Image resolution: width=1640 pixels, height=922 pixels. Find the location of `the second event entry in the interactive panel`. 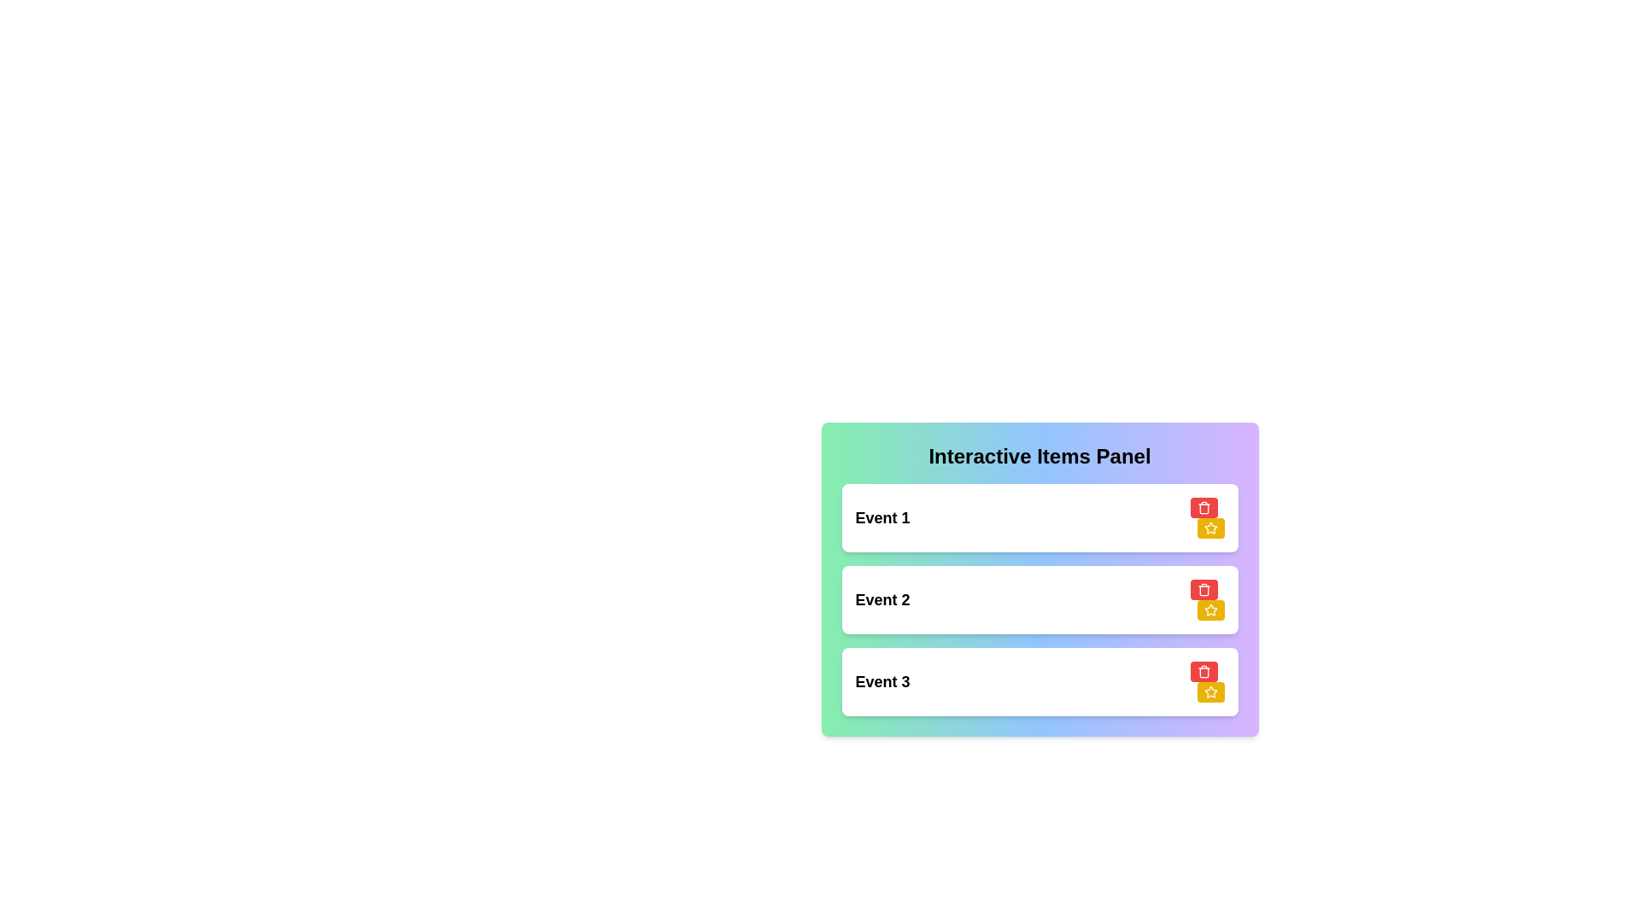

the second event entry in the interactive panel is located at coordinates (1039, 598).